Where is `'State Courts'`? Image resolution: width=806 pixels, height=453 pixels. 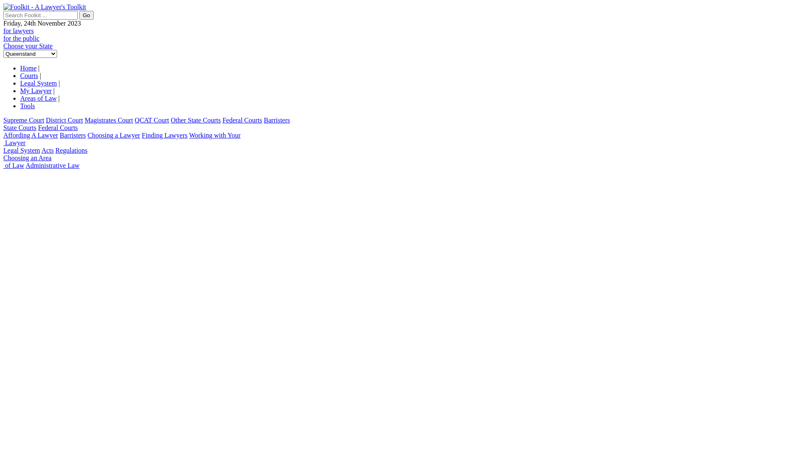
'State Courts' is located at coordinates (20, 128).